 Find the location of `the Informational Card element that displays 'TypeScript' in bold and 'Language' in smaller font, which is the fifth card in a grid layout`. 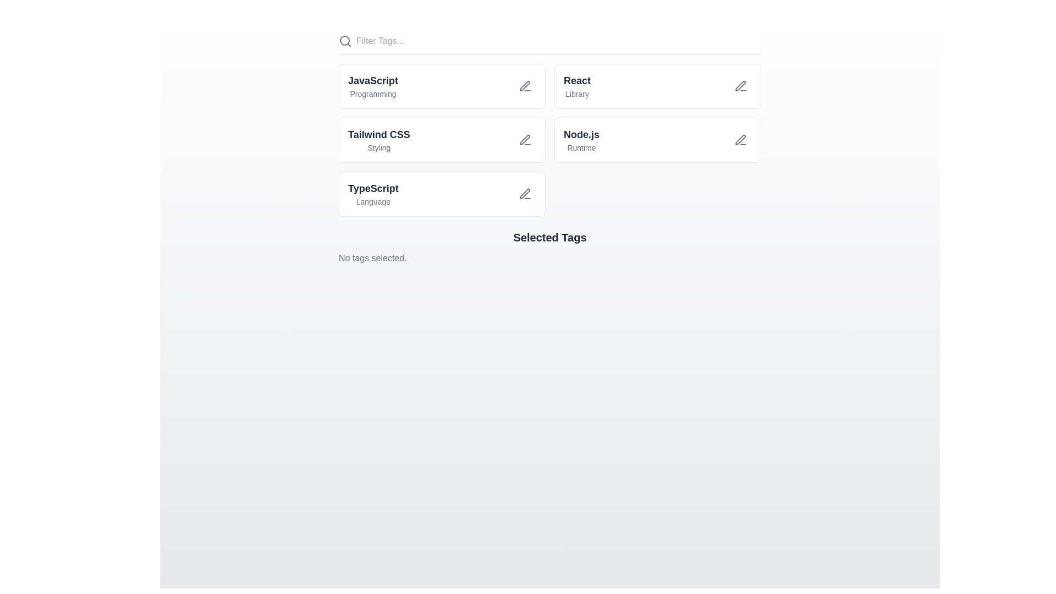

the Informational Card element that displays 'TypeScript' in bold and 'Language' in smaller font, which is the fifth card in a grid layout is located at coordinates (442, 194).